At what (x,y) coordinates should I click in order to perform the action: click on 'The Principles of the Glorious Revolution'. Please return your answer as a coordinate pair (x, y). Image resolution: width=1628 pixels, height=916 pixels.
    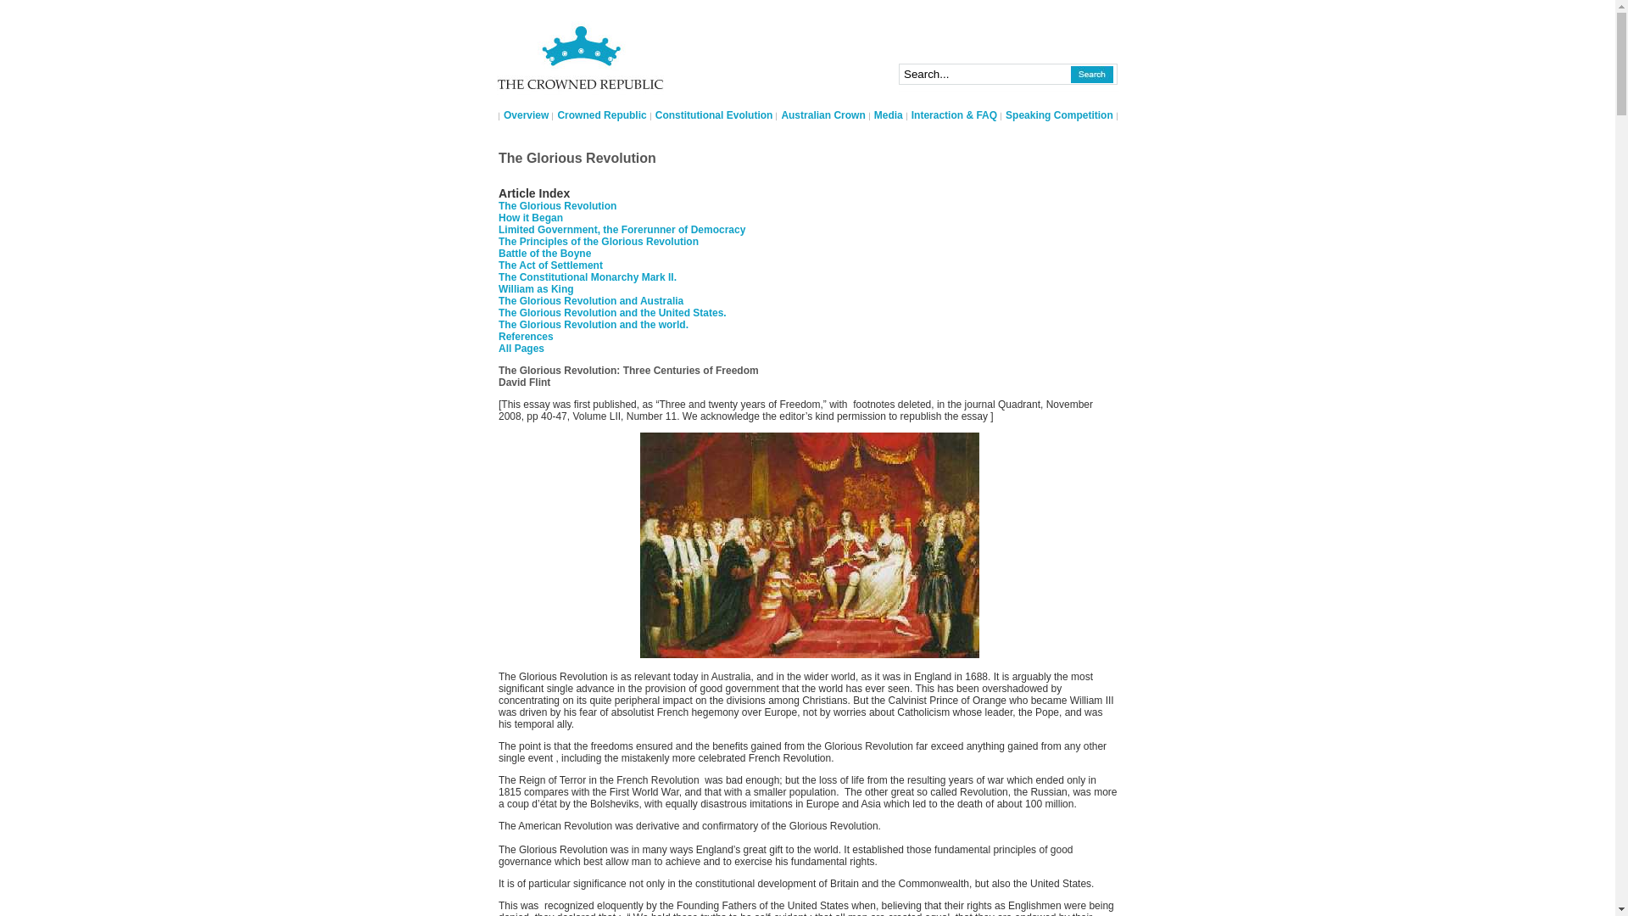
    Looking at the image, I should click on (598, 242).